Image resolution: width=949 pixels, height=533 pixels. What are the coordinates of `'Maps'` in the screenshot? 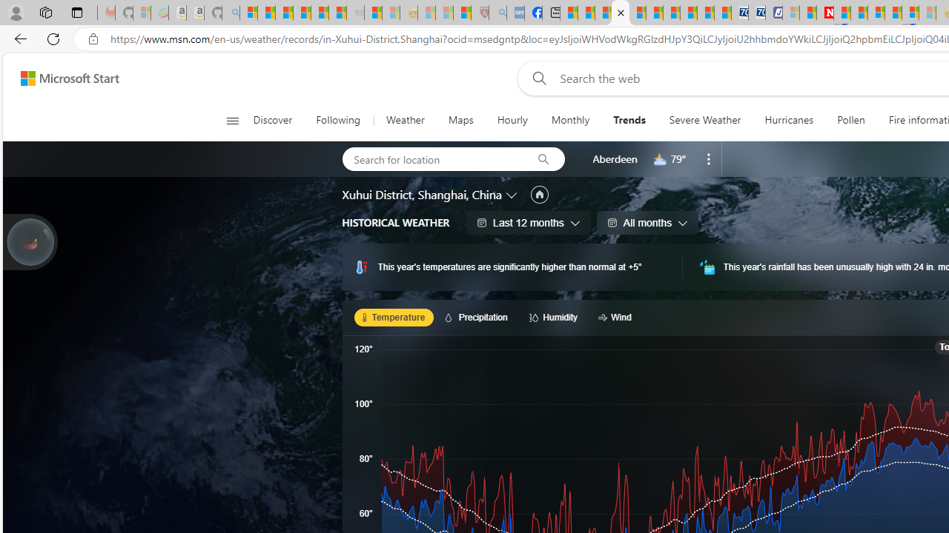 It's located at (460, 120).